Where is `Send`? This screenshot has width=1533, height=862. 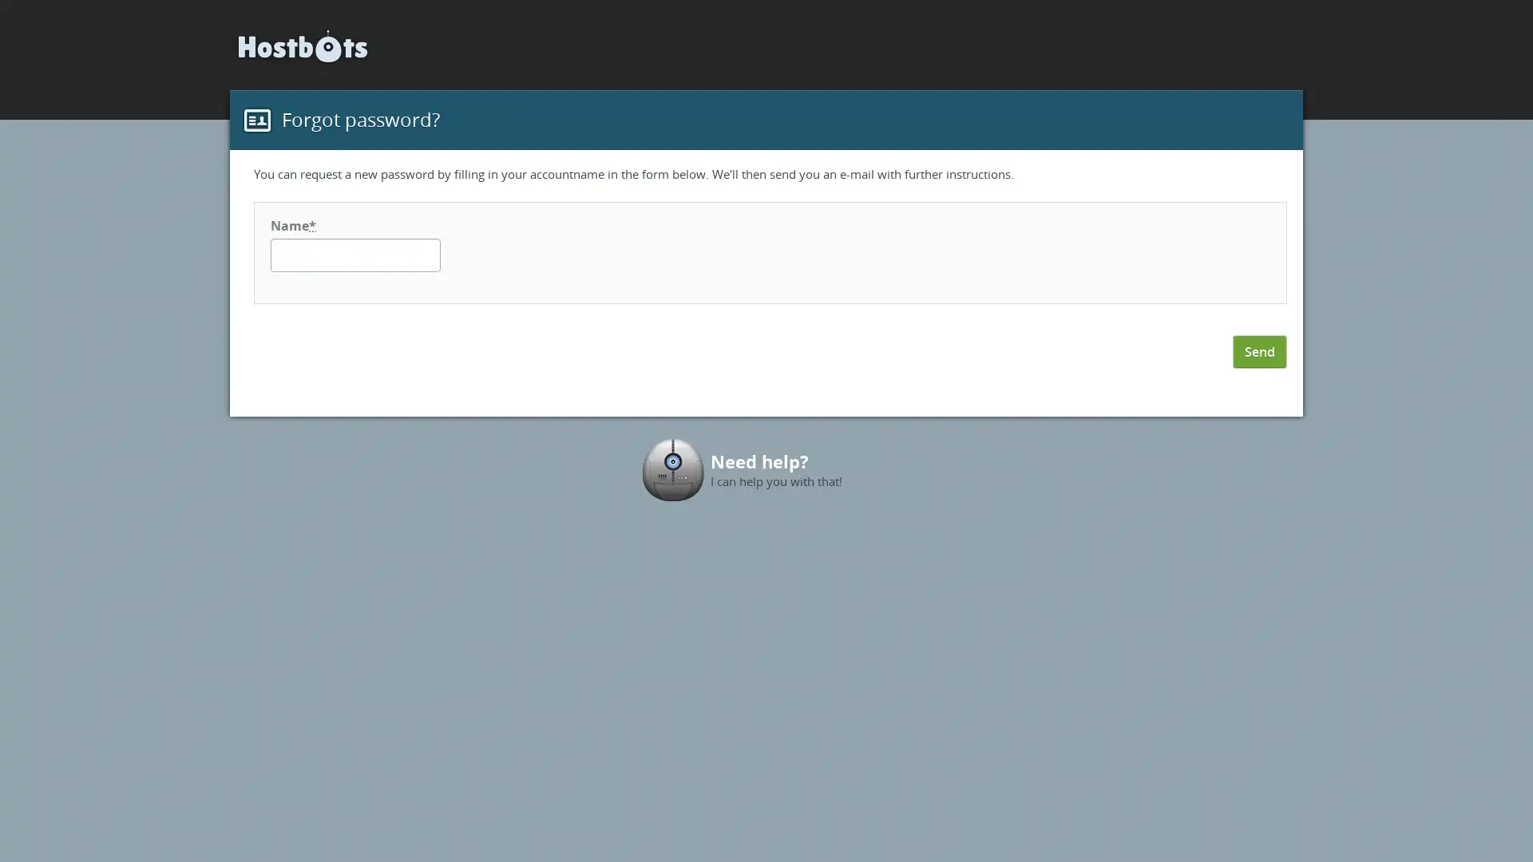
Send is located at coordinates (1259, 350).